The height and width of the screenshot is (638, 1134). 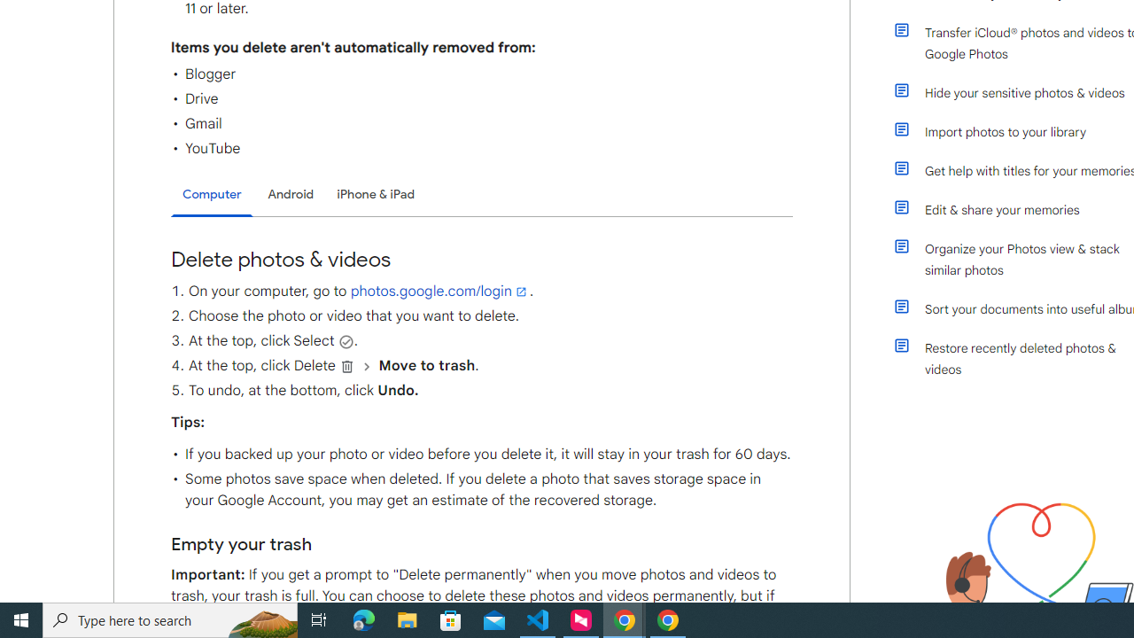 I want to click on 'Android', so click(x=291, y=194).